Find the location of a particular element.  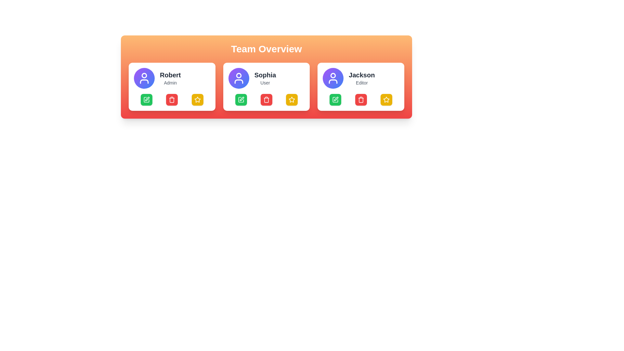

the user avatar representing 'Sophia' located in the center card of the 'Team Overview' section, positioned above the text 'Sophia' and to the left of 'User' is located at coordinates (238, 78).